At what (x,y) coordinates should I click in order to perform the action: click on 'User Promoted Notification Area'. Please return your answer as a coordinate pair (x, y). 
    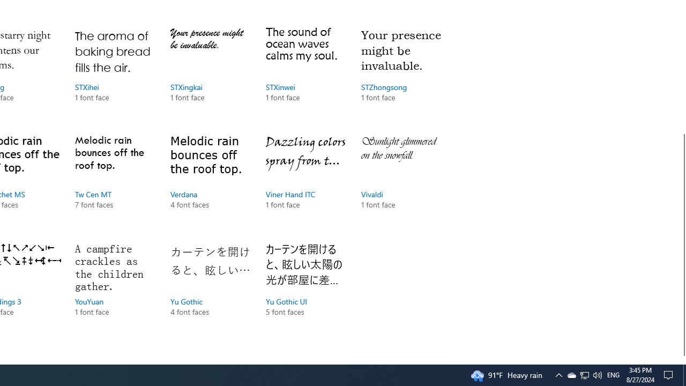
    Looking at the image, I should click on (584, 374).